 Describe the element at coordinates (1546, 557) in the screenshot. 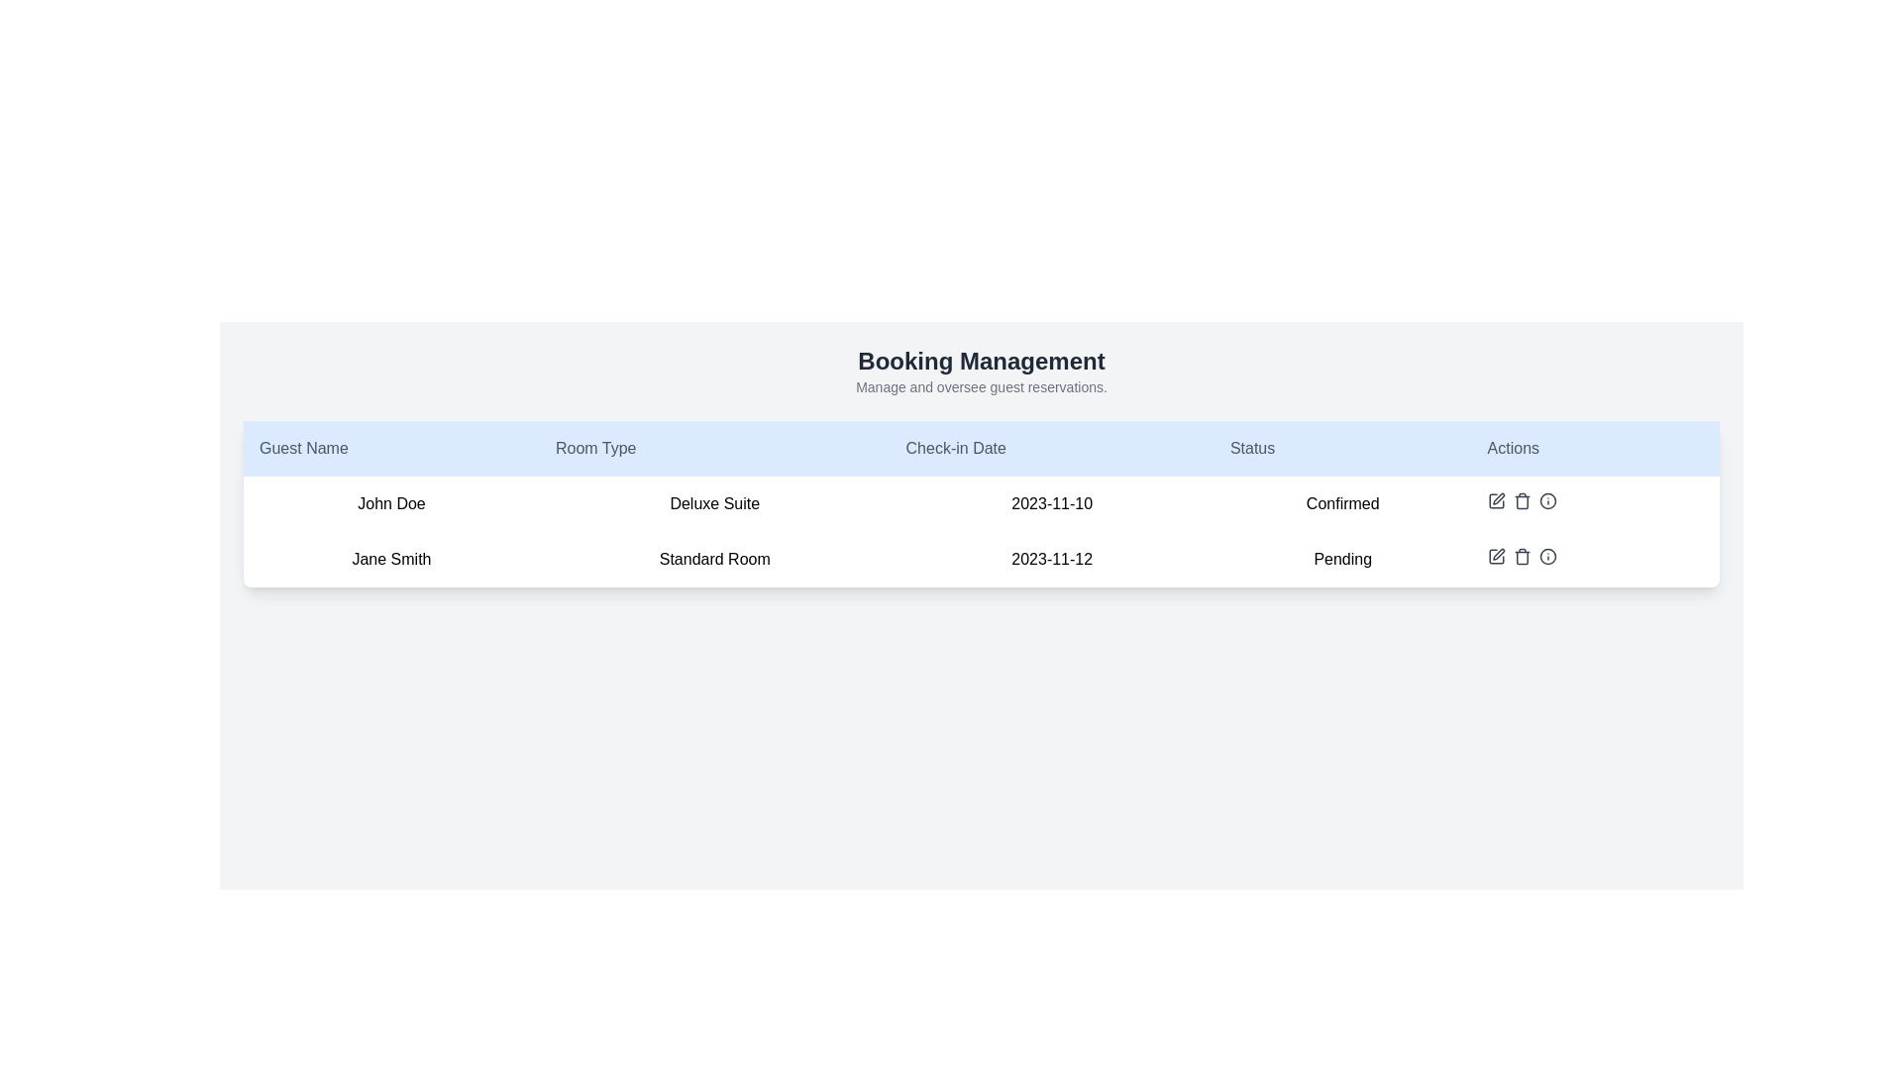

I see `the circular part of the information icon located in the second-row 'Actions' column of the booking details table` at that location.